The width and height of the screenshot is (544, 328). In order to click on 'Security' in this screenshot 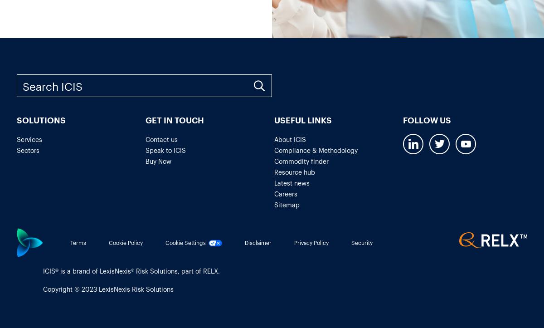, I will do `click(361, 242)`.